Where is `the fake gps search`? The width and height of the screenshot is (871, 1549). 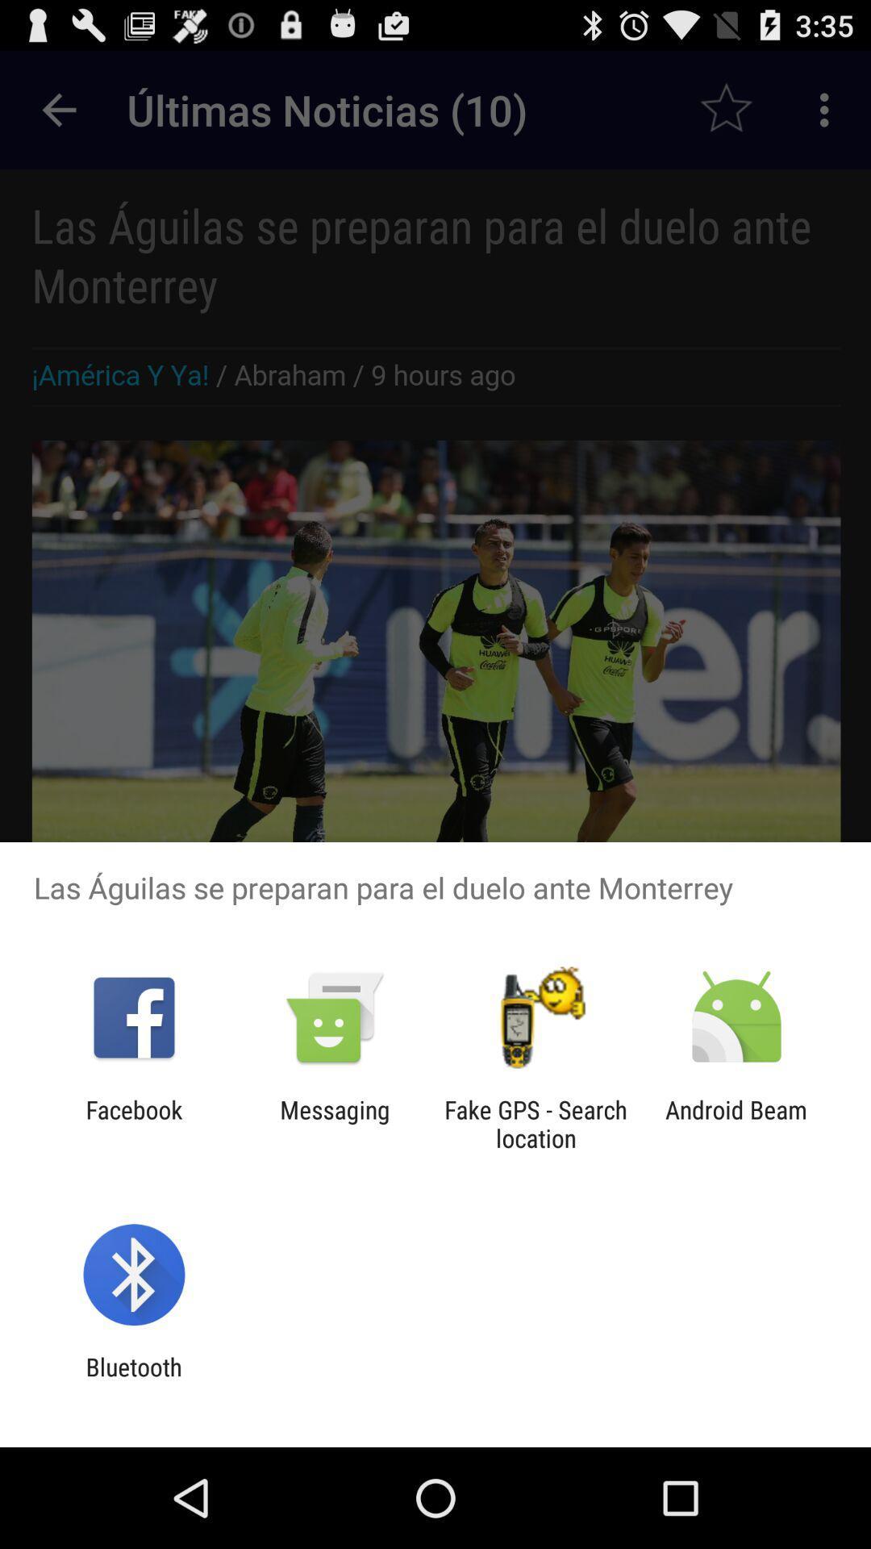
the fake gps search is located at coordinates (536, 1123).